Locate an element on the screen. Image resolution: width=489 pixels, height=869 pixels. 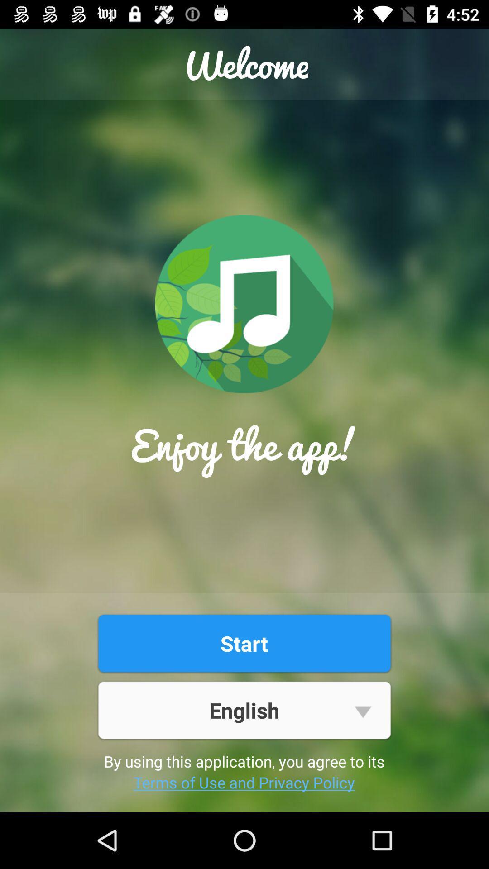
english item is located at coordinates (244, 710).